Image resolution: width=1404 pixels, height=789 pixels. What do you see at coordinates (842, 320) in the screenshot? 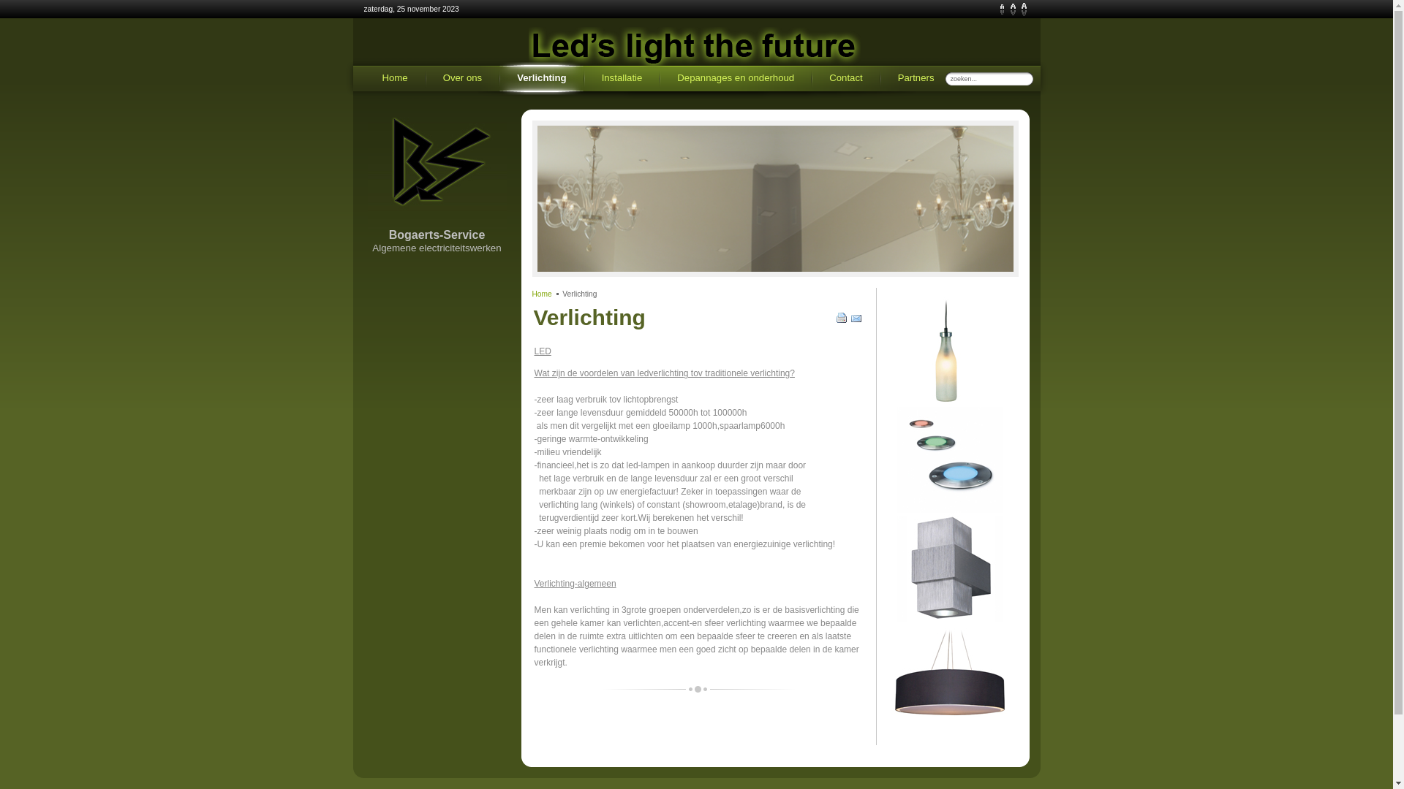
I see `'Afdrukken'` at bounding box center [842, 320].